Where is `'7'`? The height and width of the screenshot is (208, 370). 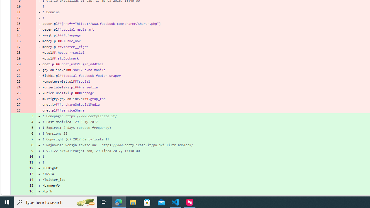 '7' is located at coordinates (29, 139).